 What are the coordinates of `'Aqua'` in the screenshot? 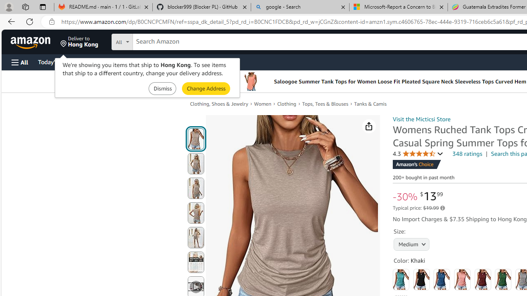 It's located at (401, 279).